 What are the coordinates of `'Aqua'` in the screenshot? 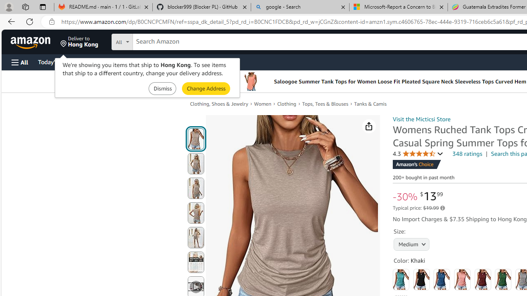 It's located at (401, 279).